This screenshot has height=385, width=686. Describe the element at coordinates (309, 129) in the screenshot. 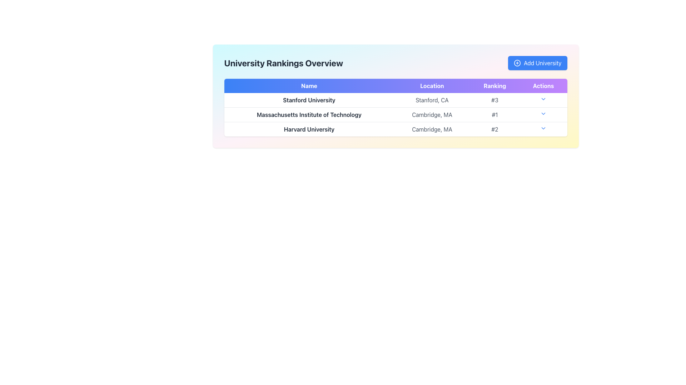

I see `the 'Harvard University' text label, which is displayed in bold serif font and dark gray color, located in the second row of the table under the 'Name' column` at that location.